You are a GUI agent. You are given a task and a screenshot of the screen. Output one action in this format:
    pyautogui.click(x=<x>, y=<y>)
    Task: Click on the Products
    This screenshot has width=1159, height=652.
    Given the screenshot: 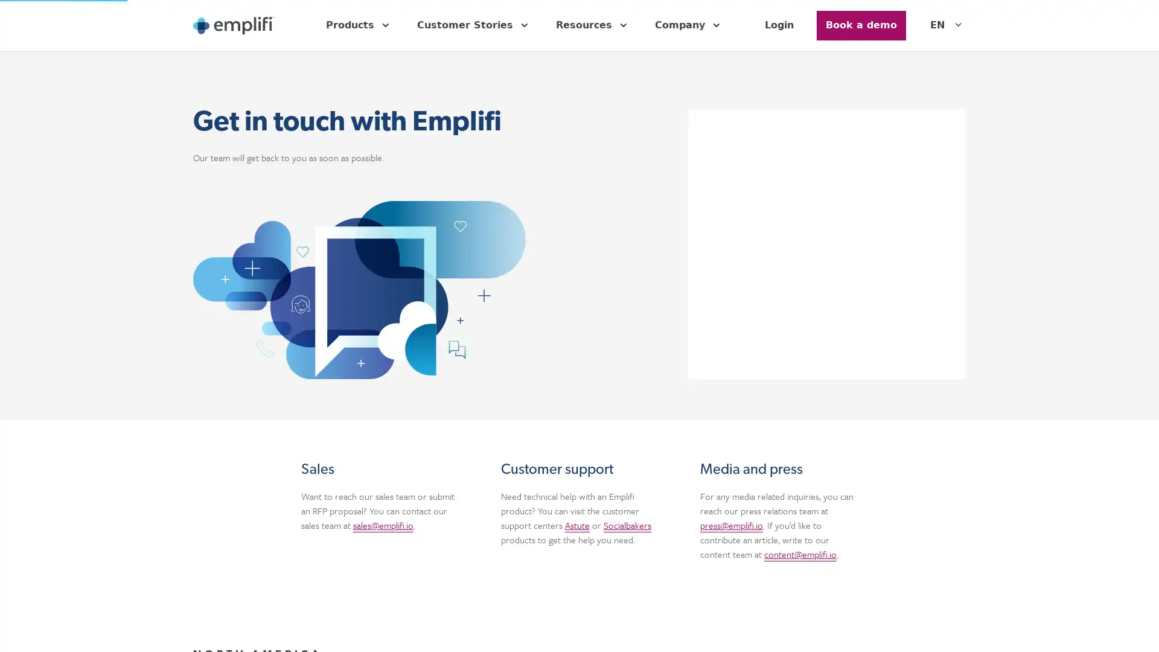 What is the action you would take?
    pyautogui.click(x=359, y=25)
    